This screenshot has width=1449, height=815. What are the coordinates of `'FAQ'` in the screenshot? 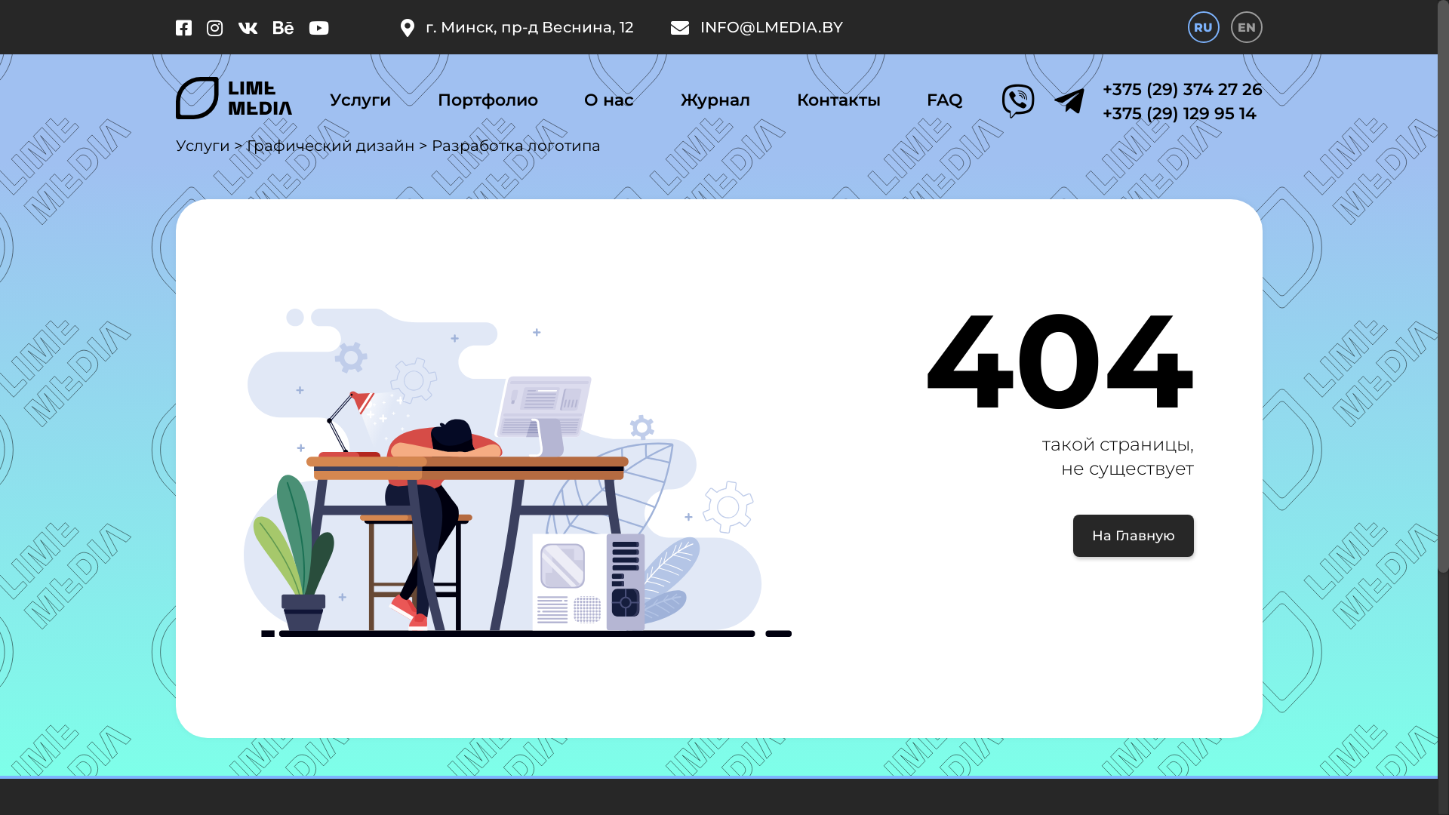 It's located at (944, 102).